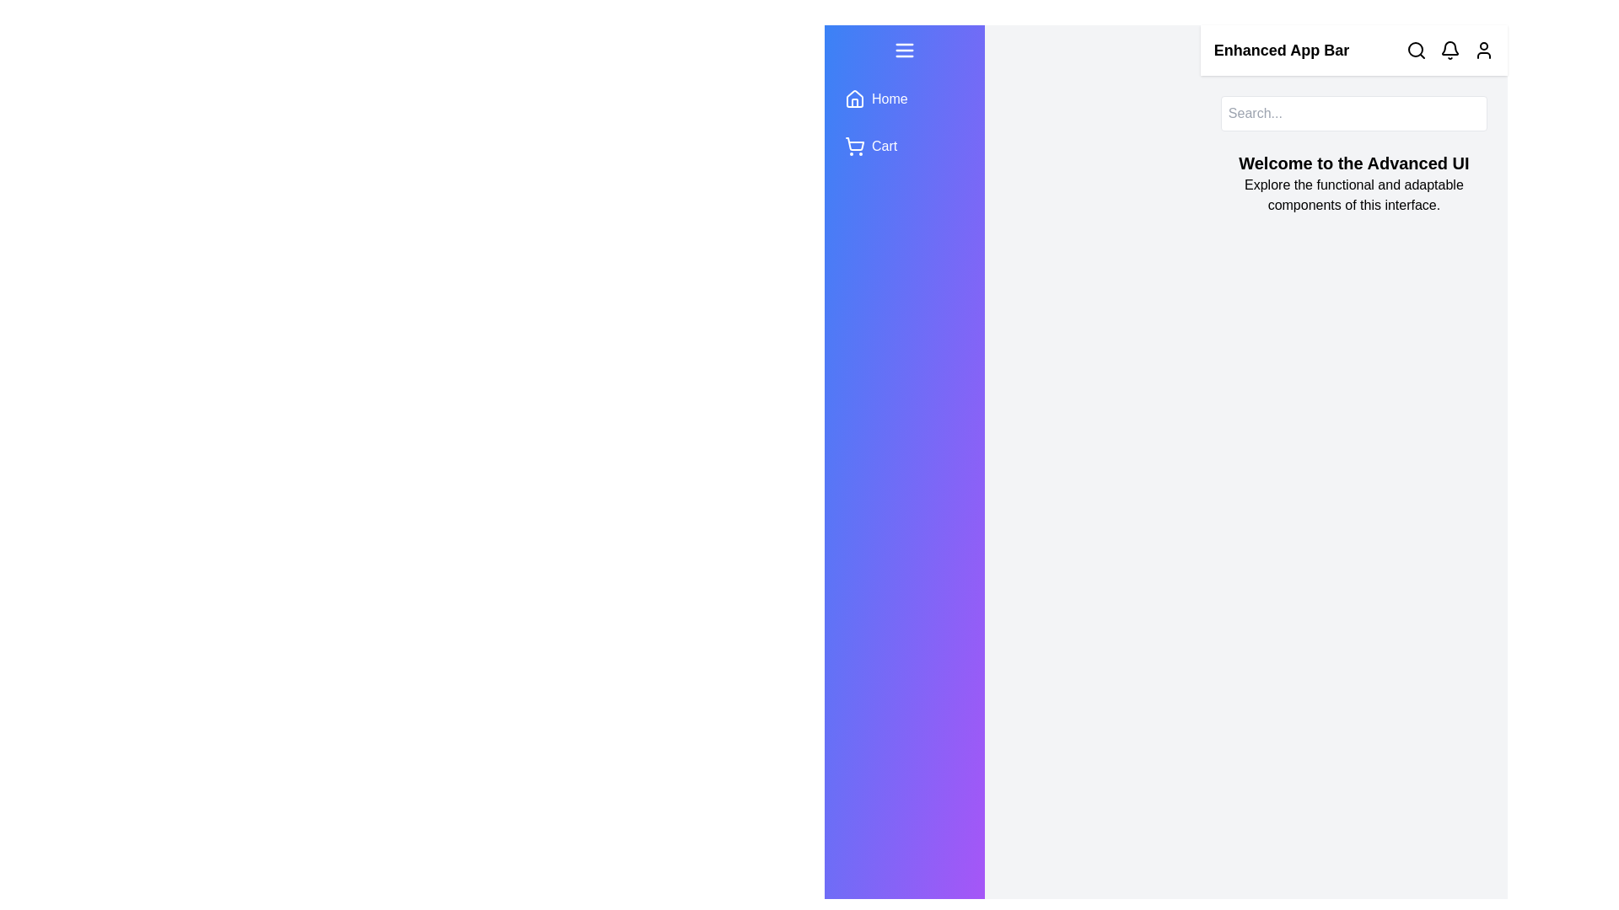  Describe the element at coordinates (902, 50) in the screenshot. I see `the menu icon to toggle the sidebar visibility` at that location.